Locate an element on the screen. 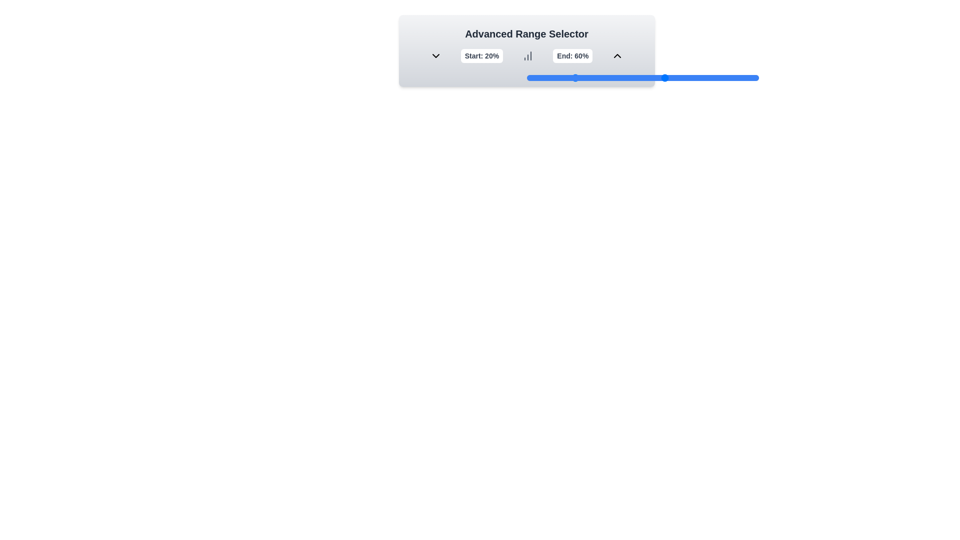 The width and height of the screenshot is (960, 540). the ChevronUp icon to increase the range end value is located at coordinates (617, 55).